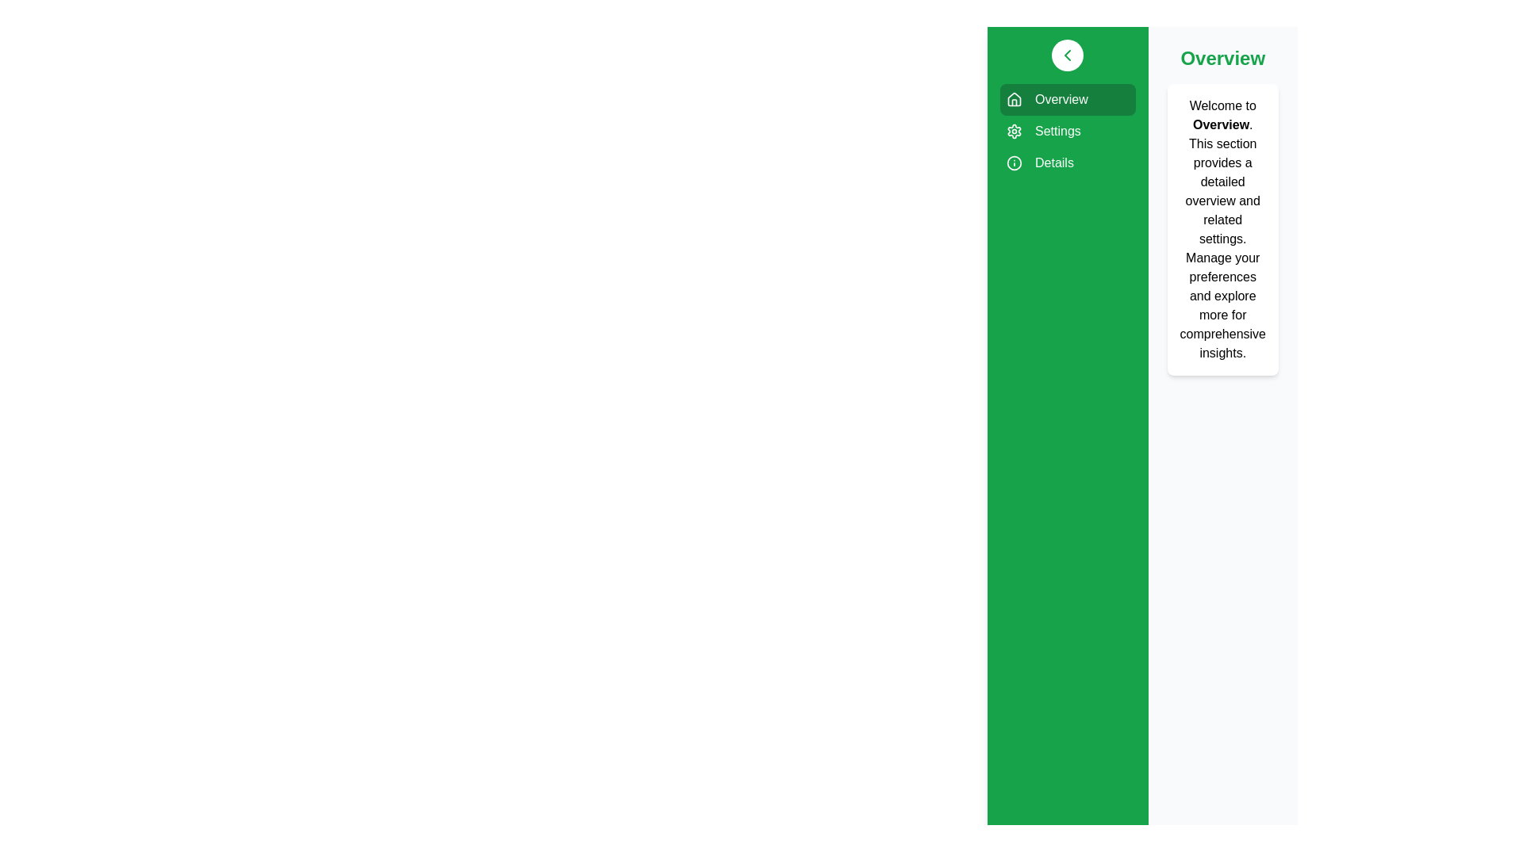  What do you see at coordinates (1068, 162) in the screenshot?
I see `the sidebar menu item corresponding to Details` at bounding box center [1068, 162].